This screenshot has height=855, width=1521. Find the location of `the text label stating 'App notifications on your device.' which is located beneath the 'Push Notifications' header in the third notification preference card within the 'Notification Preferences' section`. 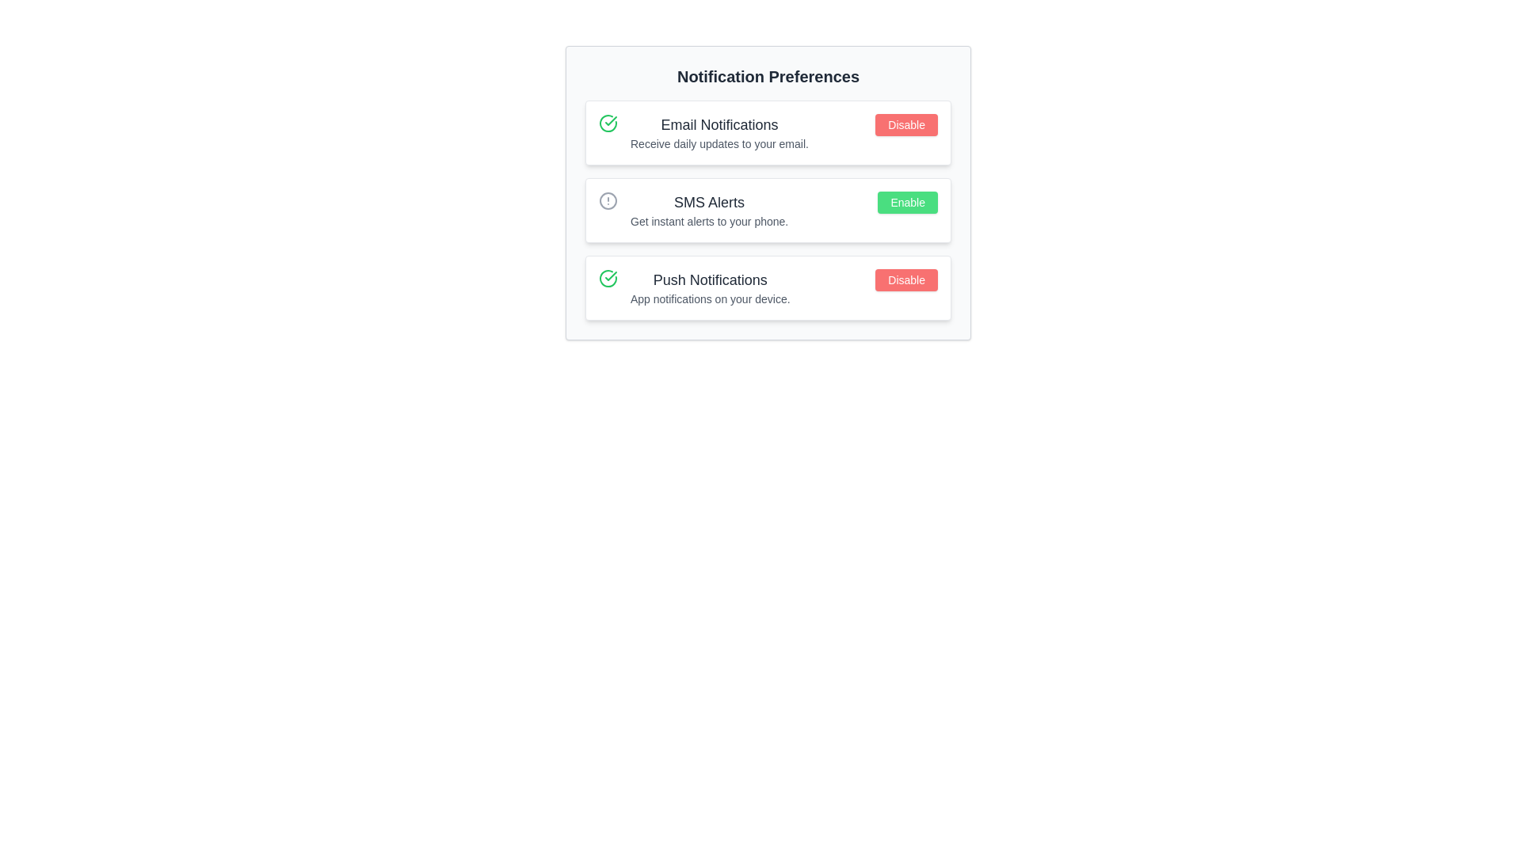

the text label stating 'App notifications on your device.' which is located beneath the 'Push Notifications' header in the third notification preference card within the 'Notification Preferences' section is located at coordinates (709, 299).